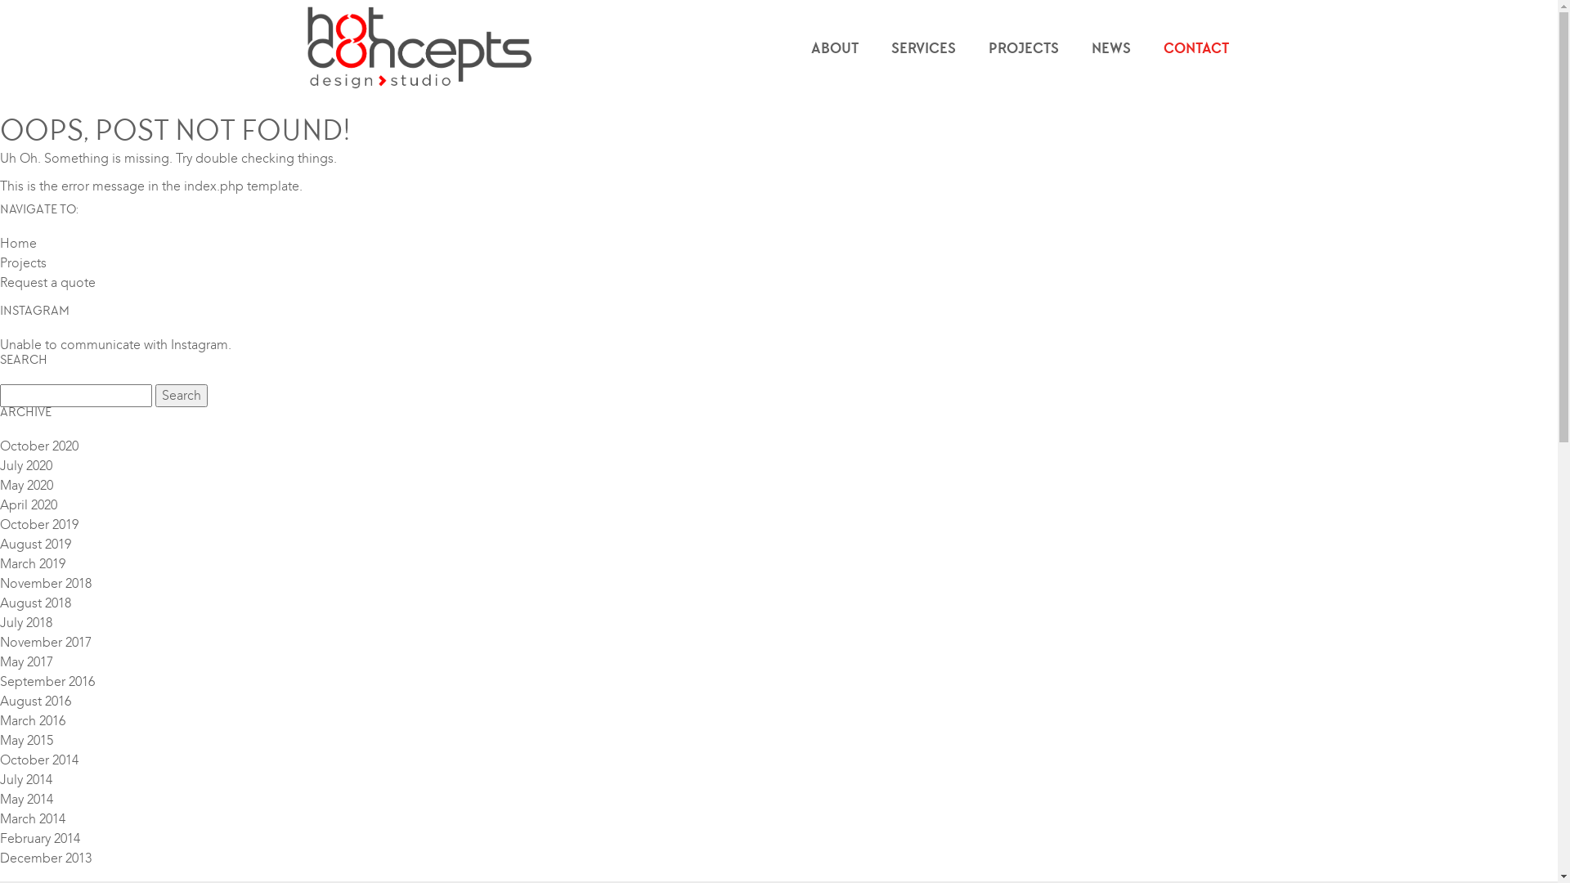 This screenshot has height=883, width=1570. I want to click on 'March 2016', so click(32, 720).